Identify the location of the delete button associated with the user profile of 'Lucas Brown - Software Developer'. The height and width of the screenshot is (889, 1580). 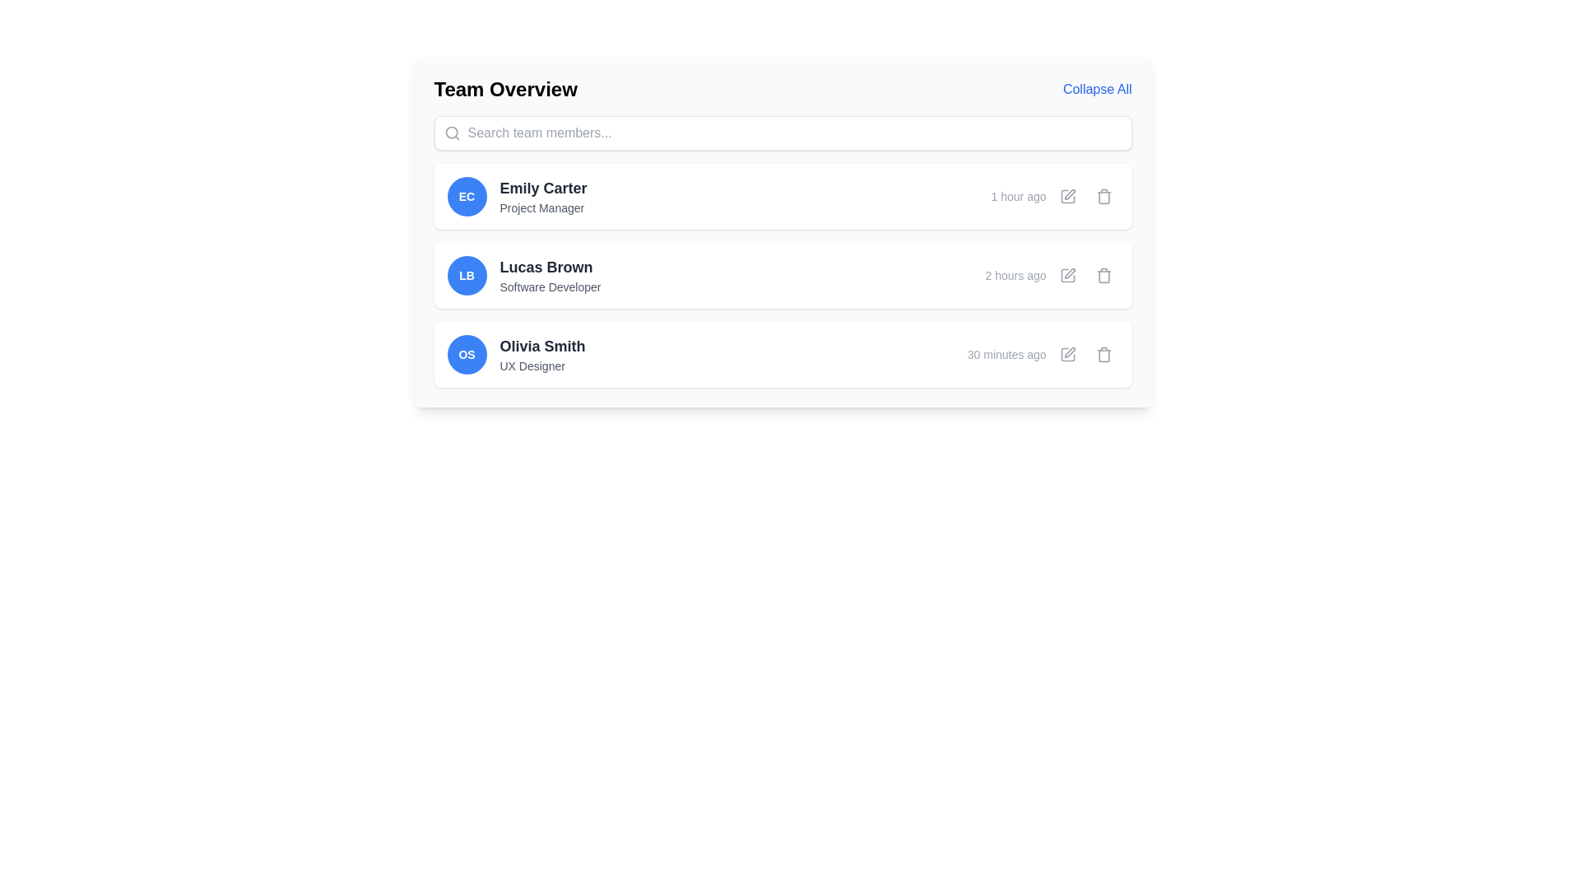
(1104, 275).